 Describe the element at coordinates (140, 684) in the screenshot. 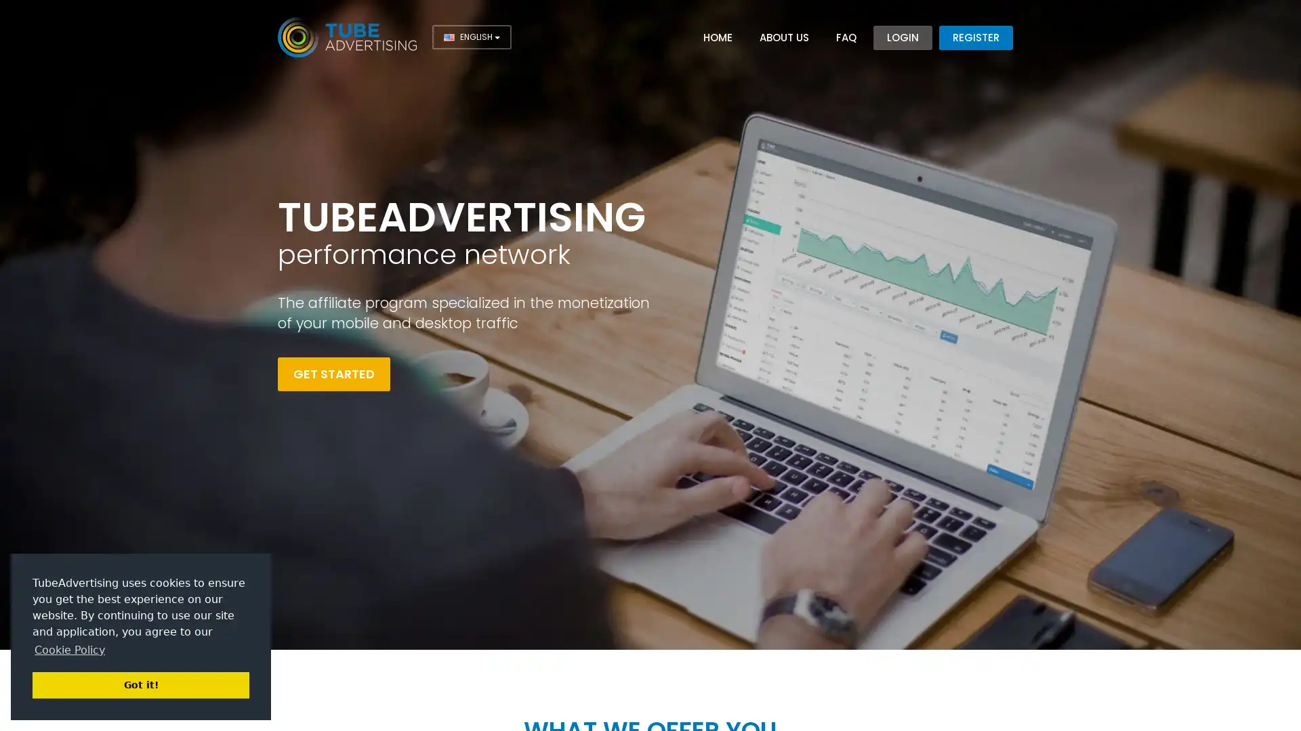

I see `dismiss cookie message` at that location.